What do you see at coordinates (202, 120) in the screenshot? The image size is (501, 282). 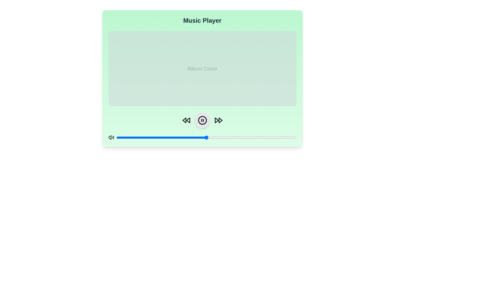 I see `the pause button located centrally within the bottom control bar of the music player` at bounding box center [202, 120].